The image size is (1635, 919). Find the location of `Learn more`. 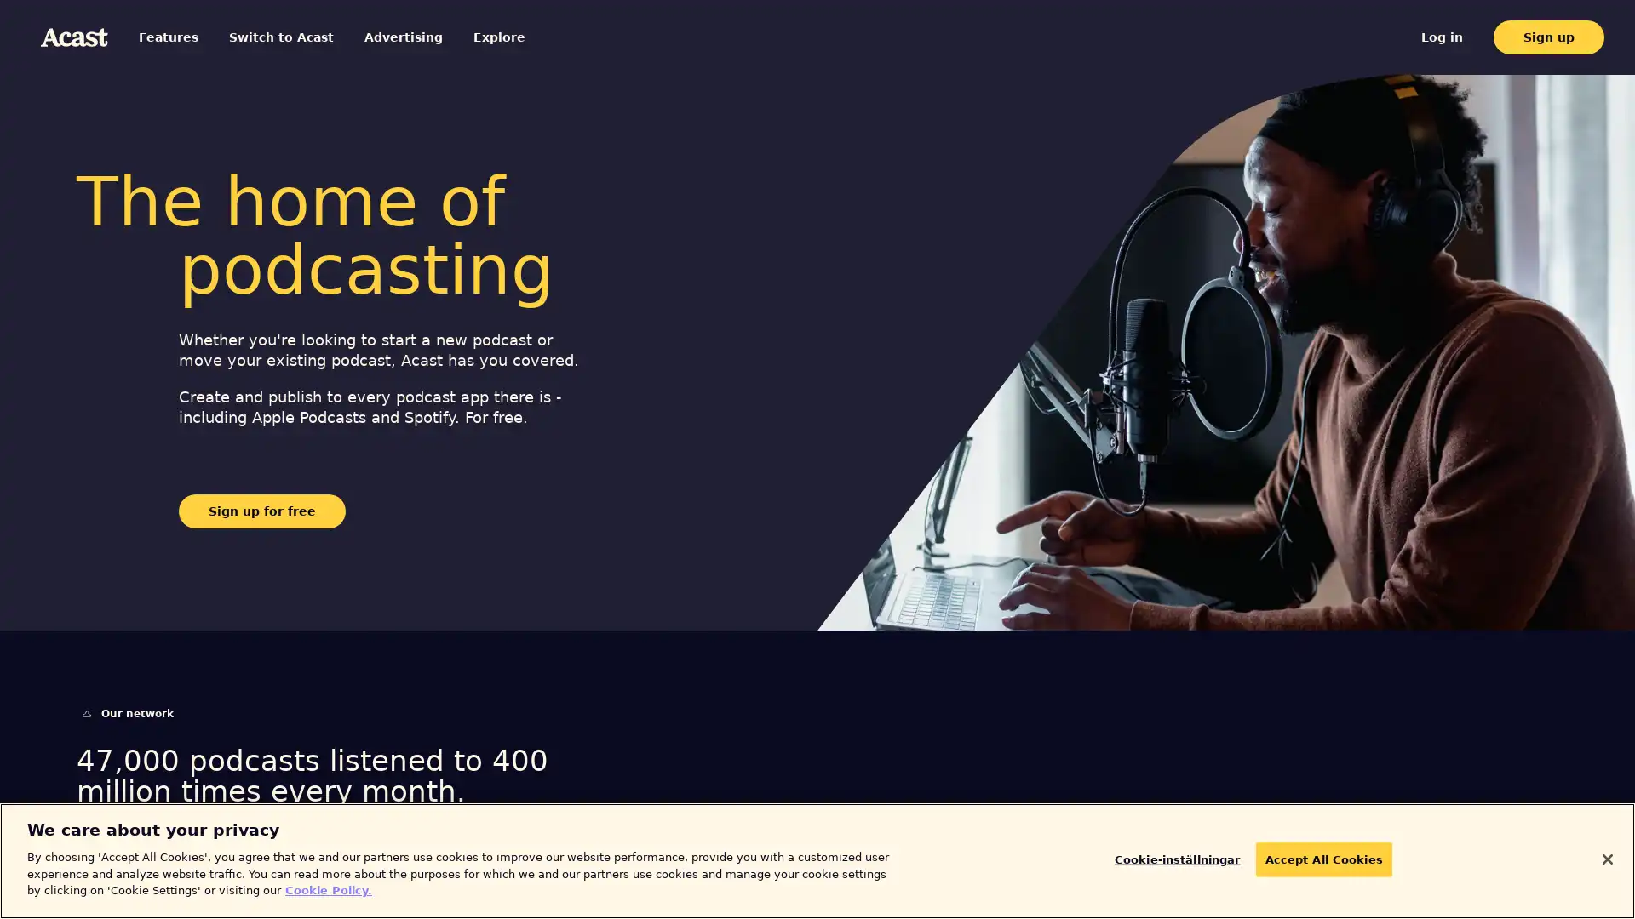

Learn more is located at coordinates (138, 875).